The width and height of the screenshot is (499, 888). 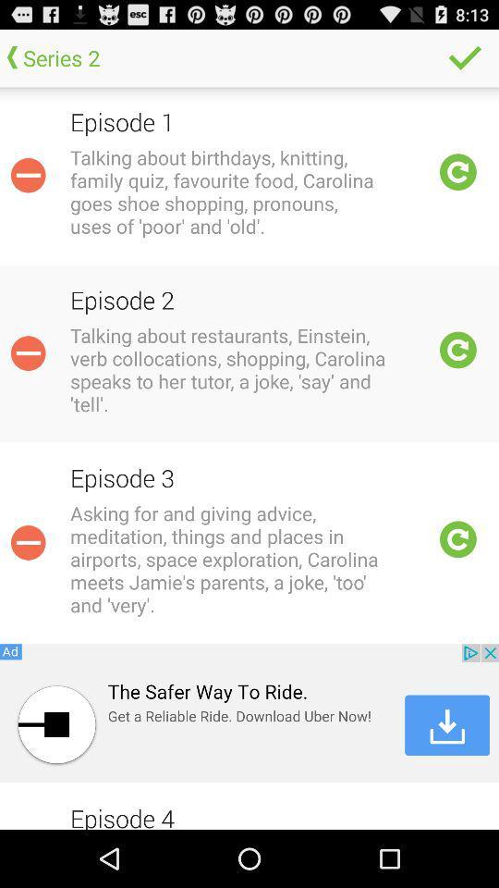 What do you see at coordinates (27, 542) in the screenshot?
I see `remove episode` at bounding box center [27, 542].